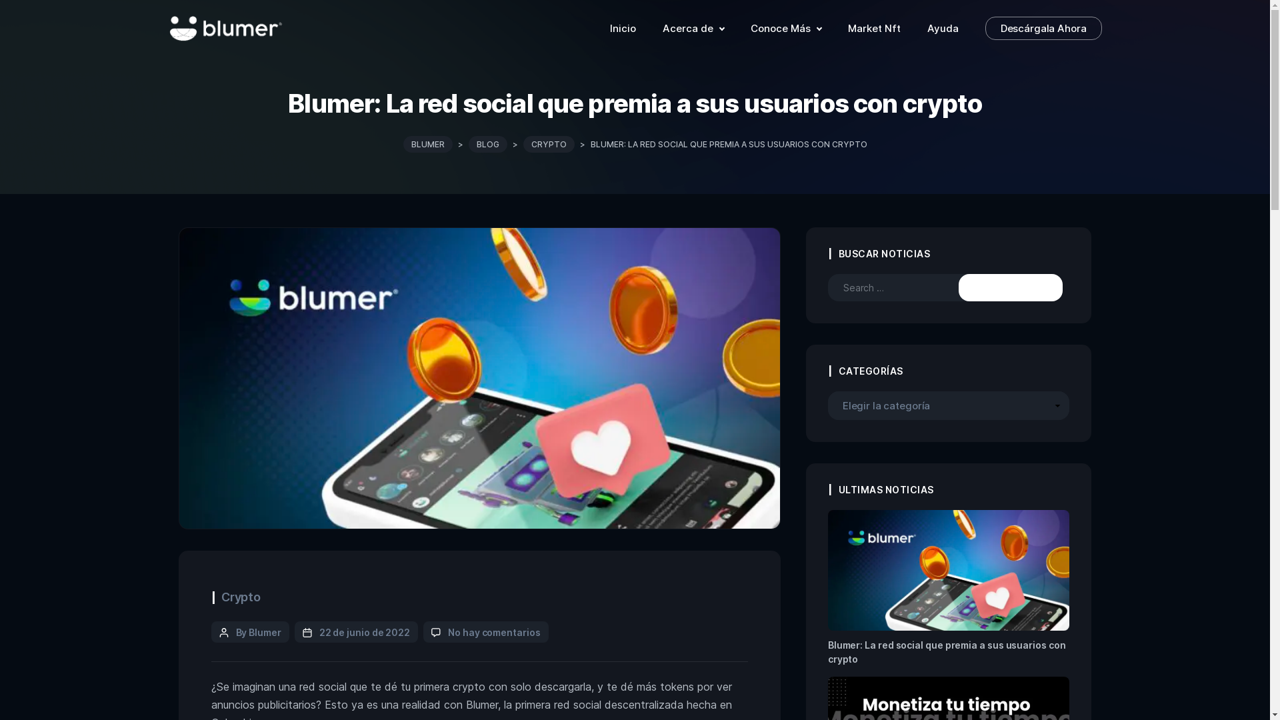  What do you see at coordinates (493, 631) in the screenshot?
I see `'No hay comentarios'` at bounding box center [493, 631].